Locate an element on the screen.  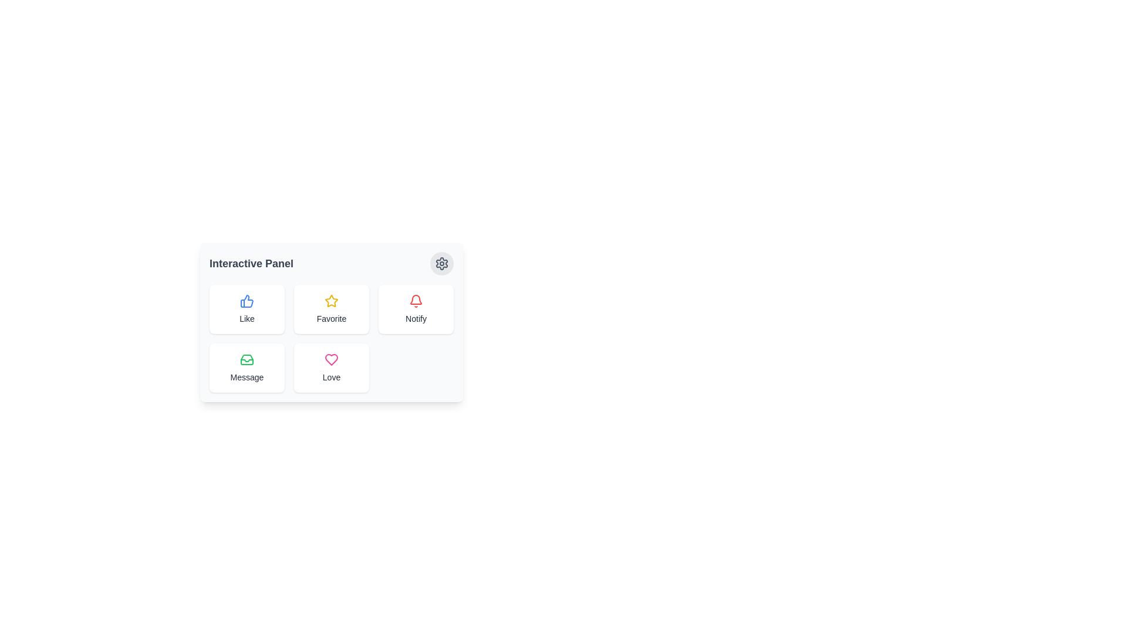
the green inbox icon labeled 'Message' located is located at coordinates (247, 359).